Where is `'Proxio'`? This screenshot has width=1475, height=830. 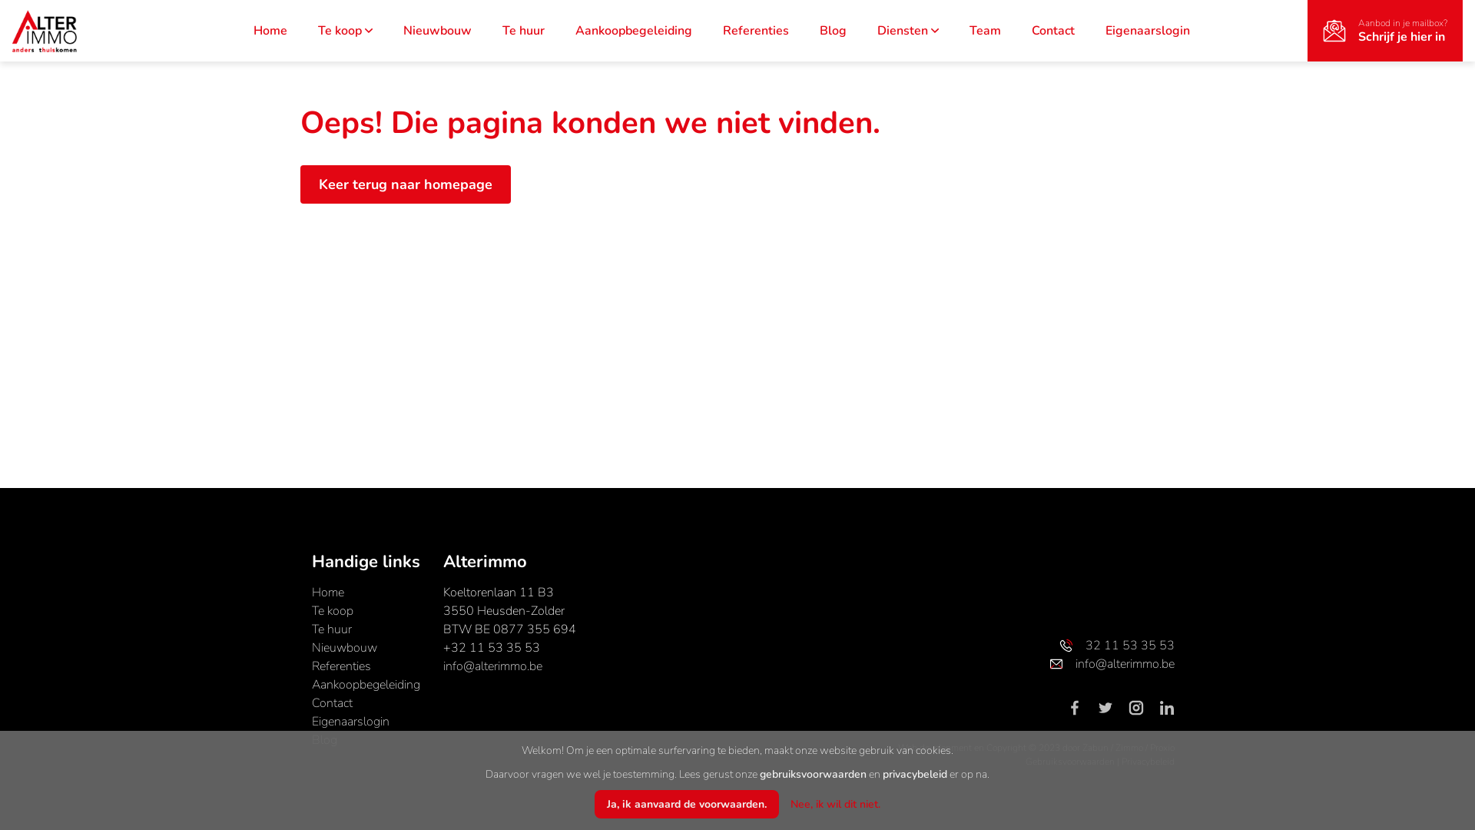 'Proxio' is located at coordinates (1162, 746).